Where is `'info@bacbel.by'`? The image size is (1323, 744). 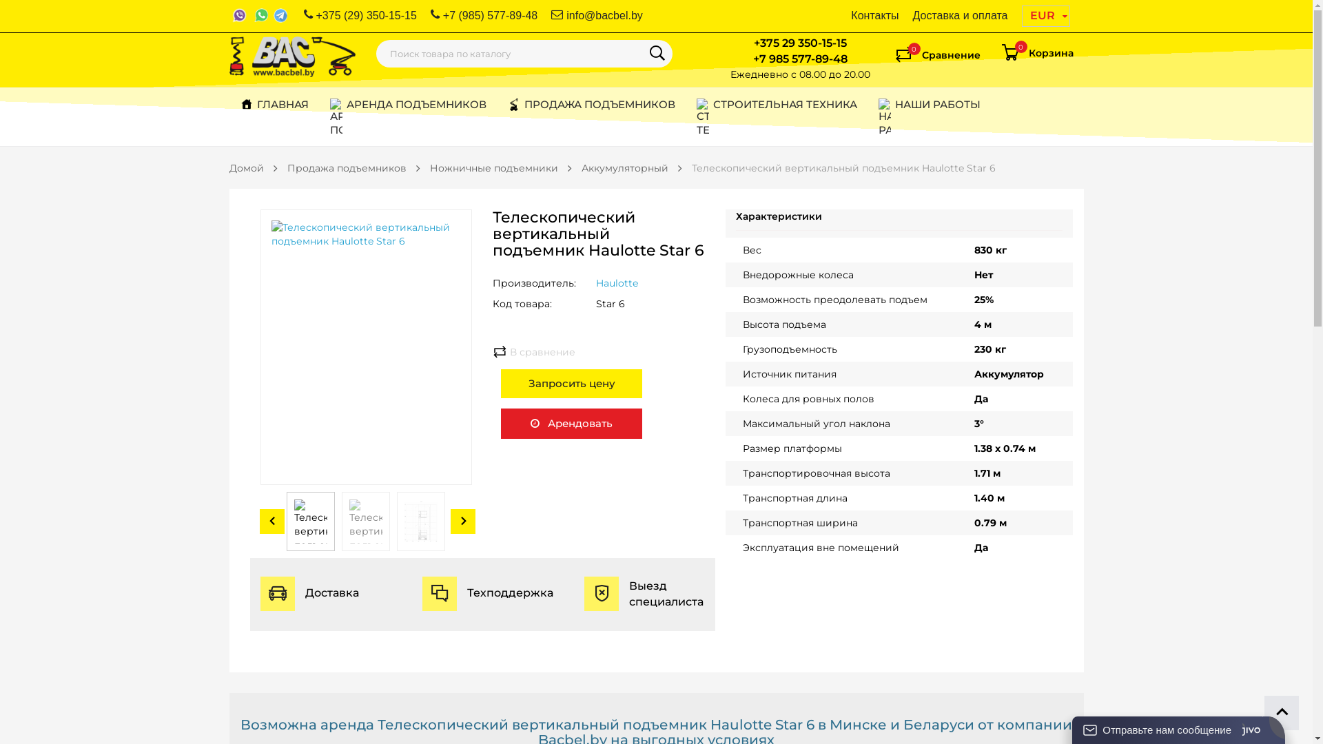
'info@bacbel.by' is located at coordinates (597, 16).